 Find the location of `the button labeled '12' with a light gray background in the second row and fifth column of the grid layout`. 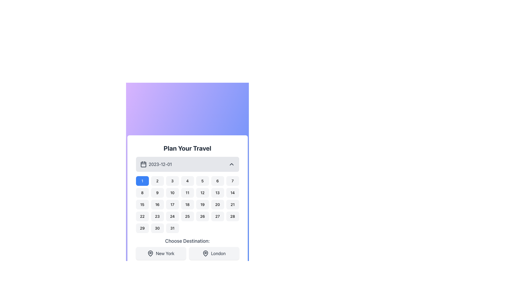

the button labeled '12' with a light gray background in the second row and fifth column of the grid layout is located at coordinates (202, 192).